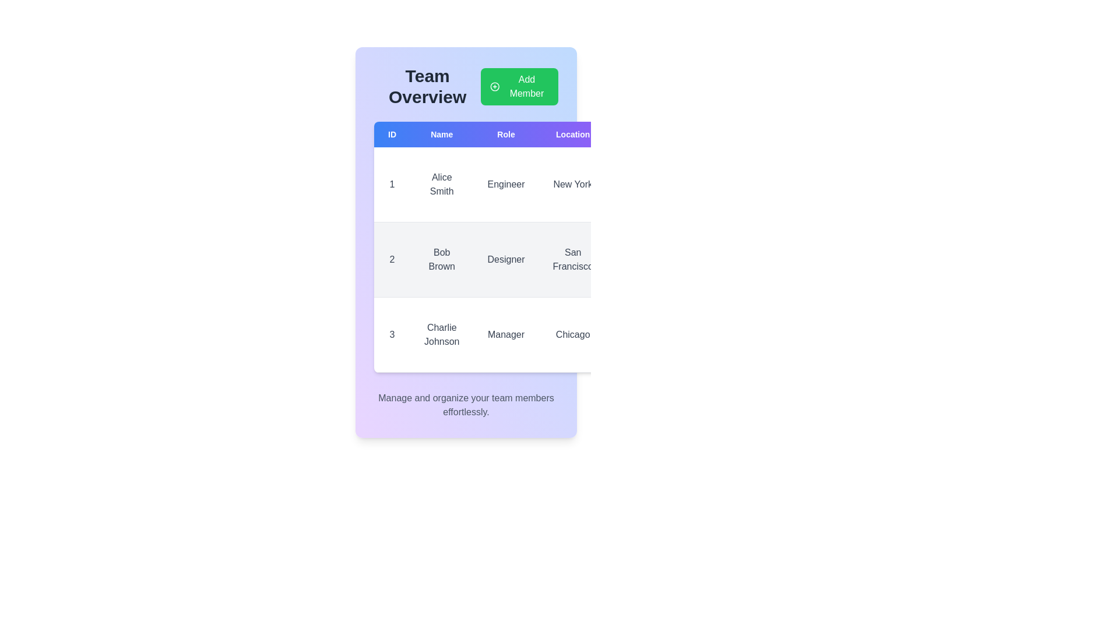  What do you see at coordinates (427, 86) in the screenshot?
I see `the section header Text label that indicates the overview of a team` at bounding box center [427, 86].